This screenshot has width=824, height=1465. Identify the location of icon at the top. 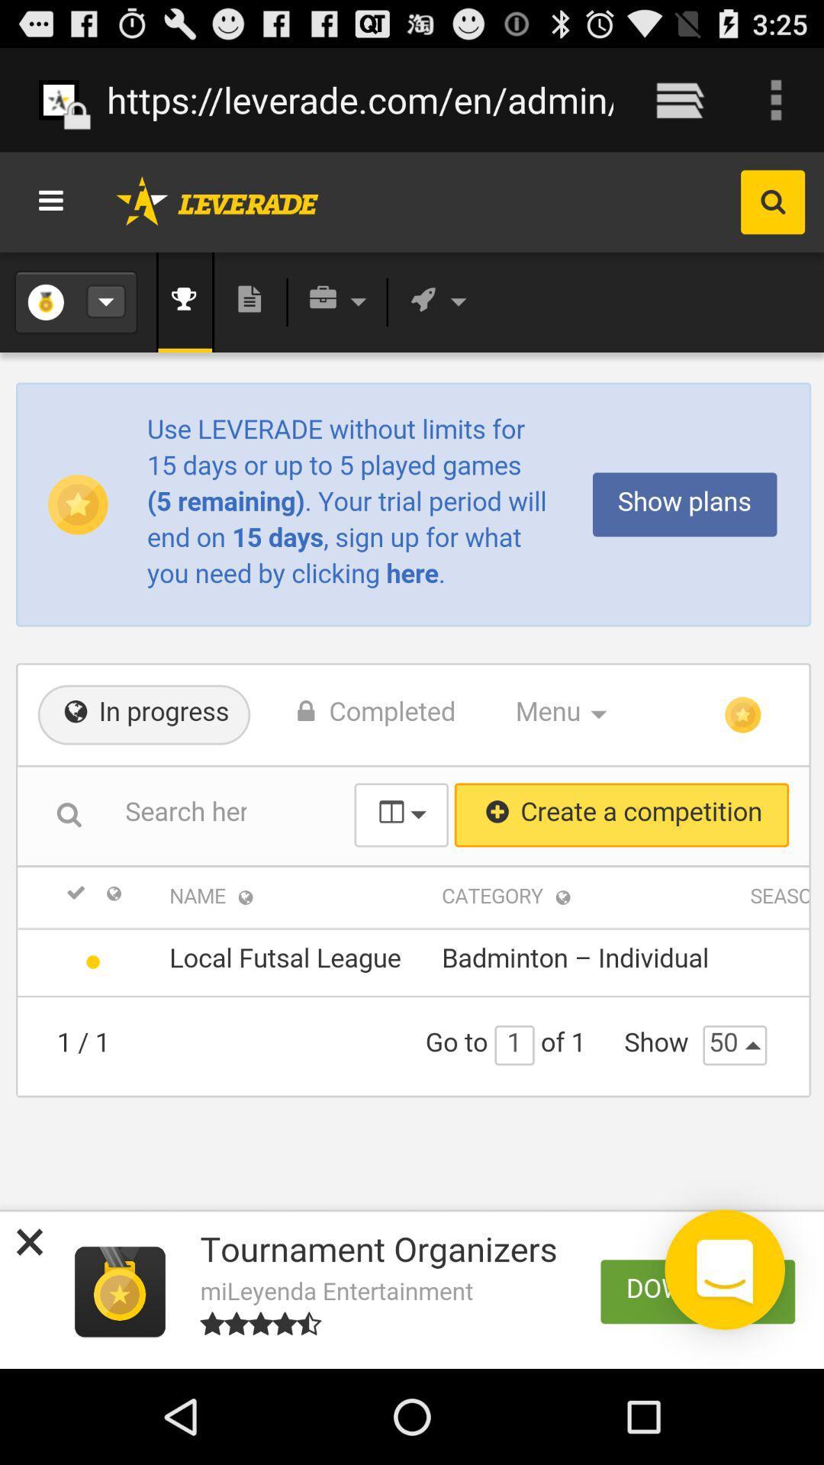
(360, 99).